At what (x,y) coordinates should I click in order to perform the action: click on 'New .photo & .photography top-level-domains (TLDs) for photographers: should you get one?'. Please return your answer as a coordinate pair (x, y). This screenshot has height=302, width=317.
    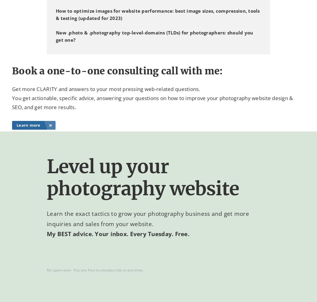
    Looking at the image, I should click on (154, 36).